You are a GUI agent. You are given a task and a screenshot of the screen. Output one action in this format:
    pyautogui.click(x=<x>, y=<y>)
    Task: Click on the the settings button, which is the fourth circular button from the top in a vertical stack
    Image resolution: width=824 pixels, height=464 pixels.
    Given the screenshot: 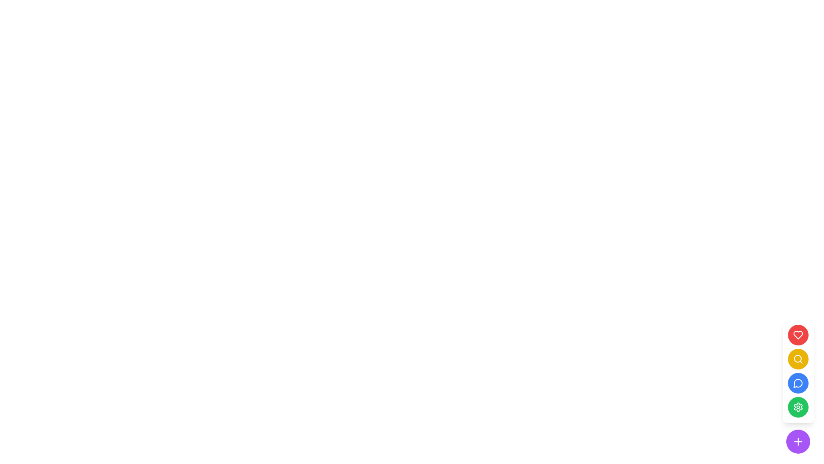 What is the action you would take?
    pyautogui.click(x=798, y=407)
    